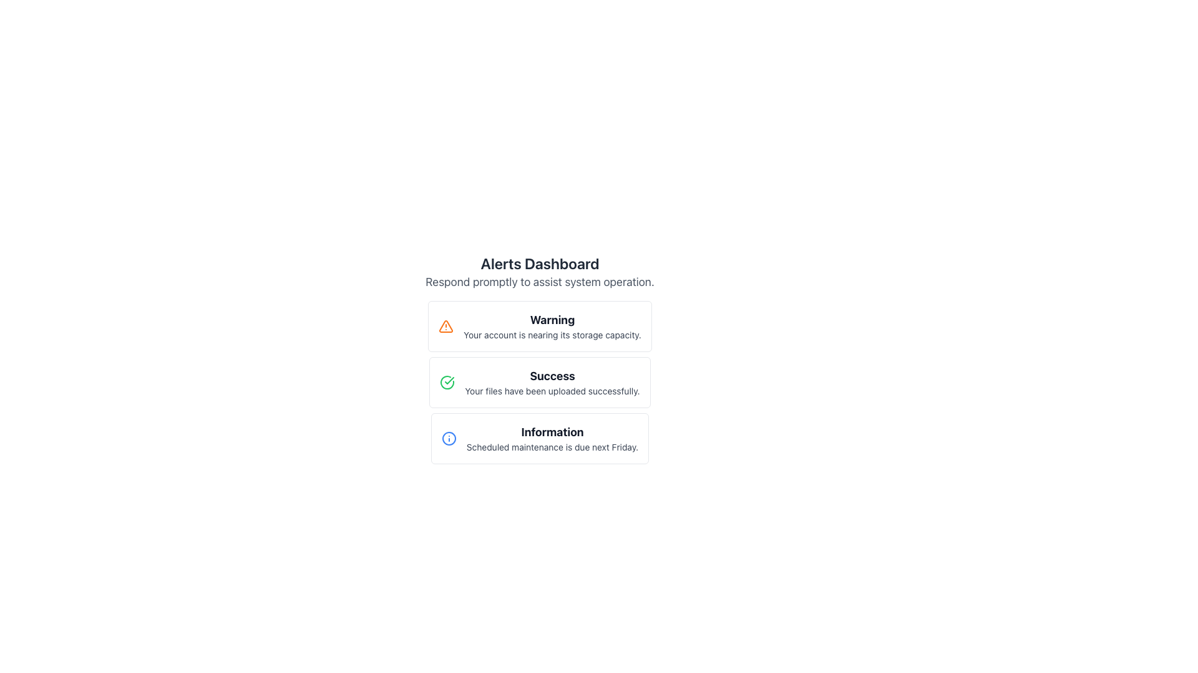  I want to click on the text label that reads 'Success', which is styled with bold font and larger size, located in the second alert box between 'Warning' and 'Information', so click(552, 376).